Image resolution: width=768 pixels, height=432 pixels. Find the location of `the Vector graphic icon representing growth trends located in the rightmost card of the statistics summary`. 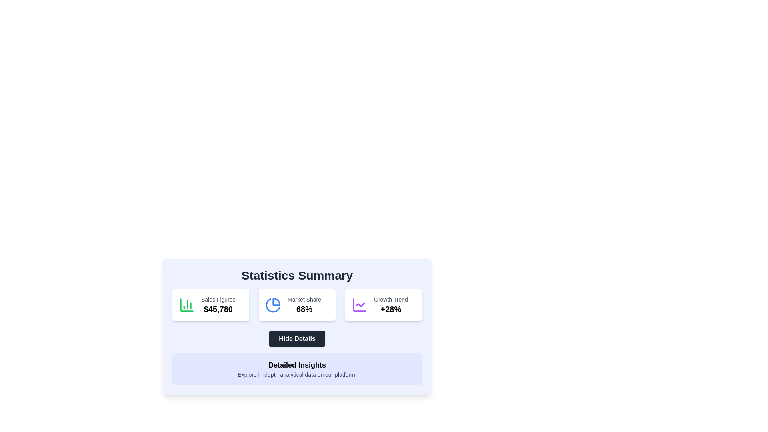

the Vector graphic icon representing growth trends located in the rightmost card of the statistics summary is located at coordinates (359, 305).